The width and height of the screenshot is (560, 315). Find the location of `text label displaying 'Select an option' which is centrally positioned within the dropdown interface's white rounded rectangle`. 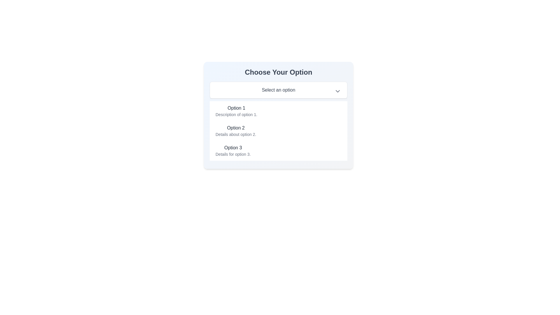

text label displaying 'Select an option' which is centrally positioned within the dropdown interface's white rounded rectangle is located at coordinates (278, 90).